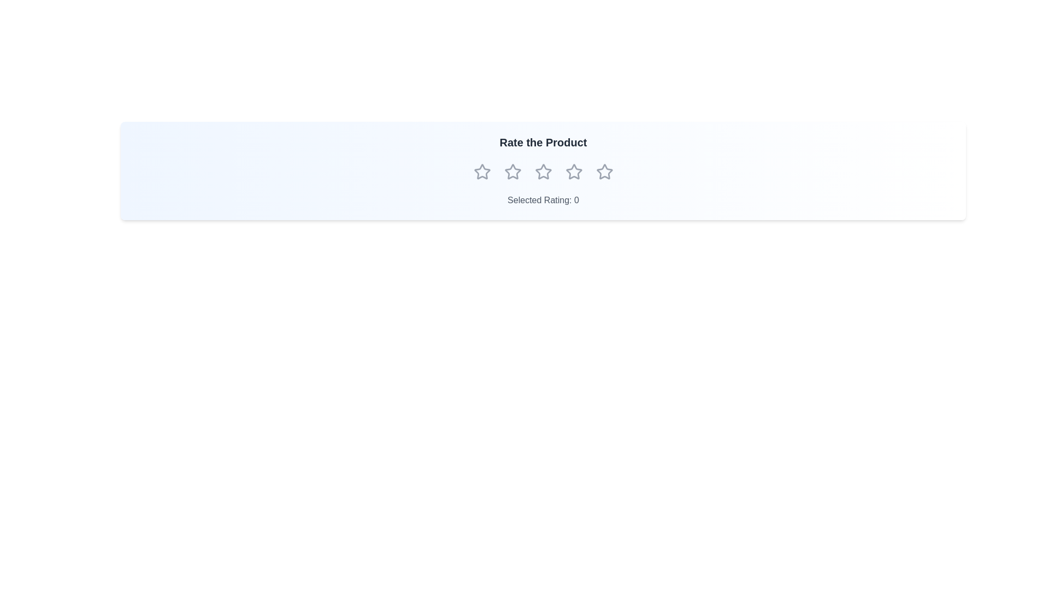  What do you see at coordinates (543, 172) in the screenshot?
I see `the third gray outlined star icon in a horizontal row of five stars` at bounding box center [543, 172].